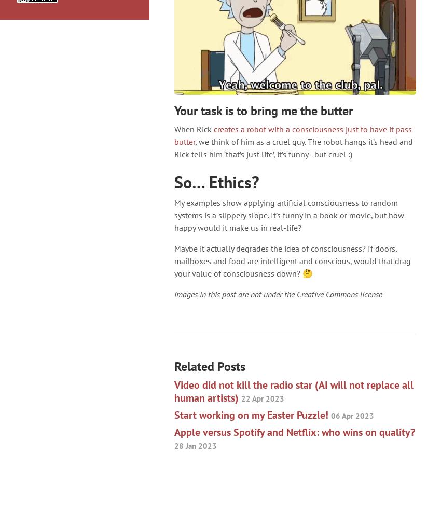 The width and height of the screenshot is (441, 509). What do you see at coordinates (263, 110) in the screenshot?
I see `'Your task is to bring me the butter'` at bounding box center [263, 110].